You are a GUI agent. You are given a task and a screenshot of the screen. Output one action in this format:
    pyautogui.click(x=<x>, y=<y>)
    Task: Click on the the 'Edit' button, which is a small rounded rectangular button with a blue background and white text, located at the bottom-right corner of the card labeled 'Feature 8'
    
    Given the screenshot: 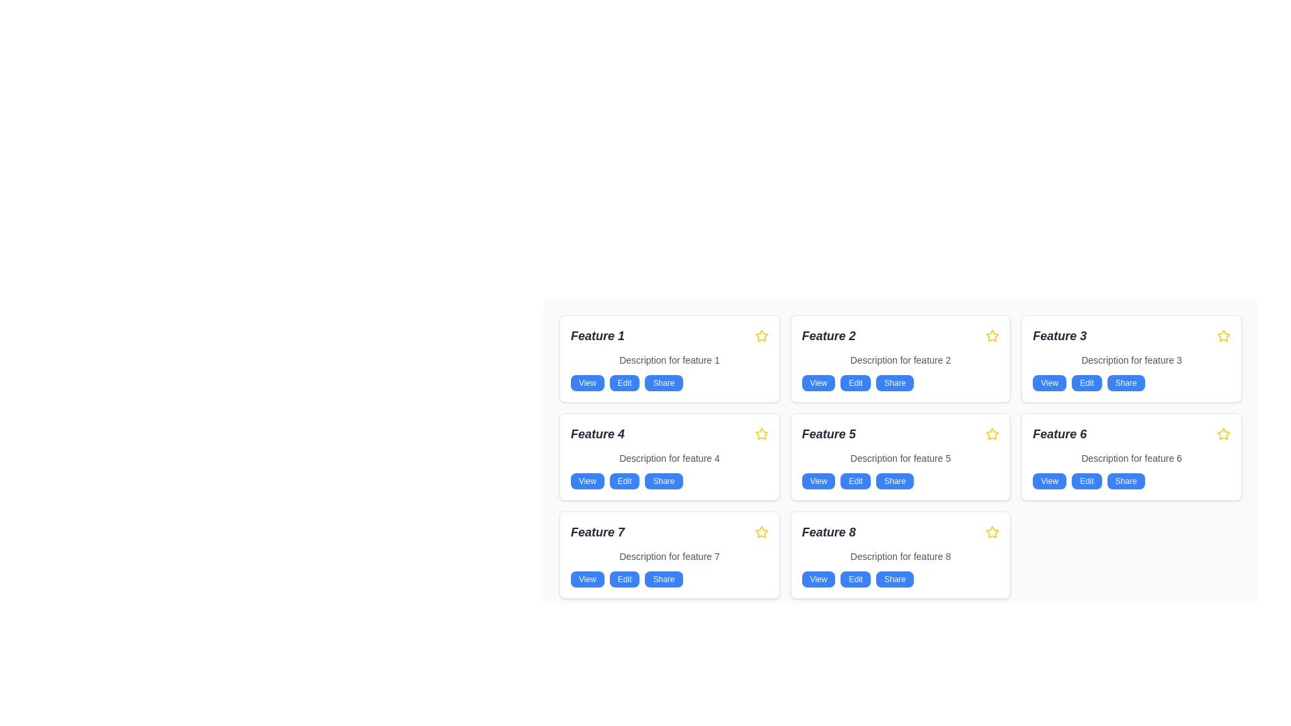 What is the action you would take?
    pyautogui.click(x=855, y=578)
    